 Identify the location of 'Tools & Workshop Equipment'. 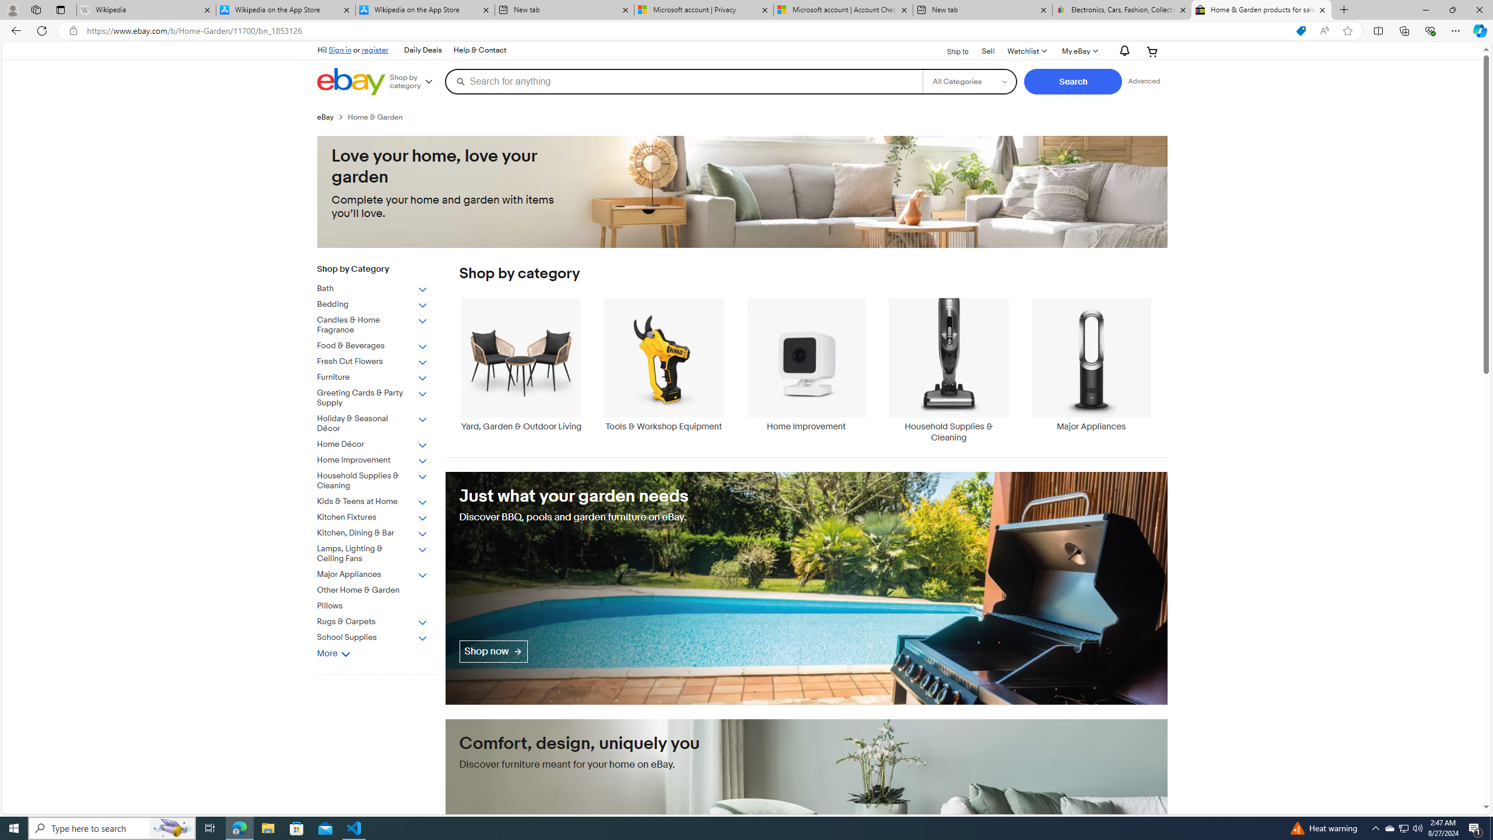
(663, 370).